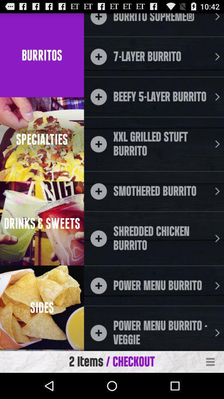  What do you see at coordinates (210, 362) in the screenshot?
I see `more options icon` at bounding box center [210, 362].